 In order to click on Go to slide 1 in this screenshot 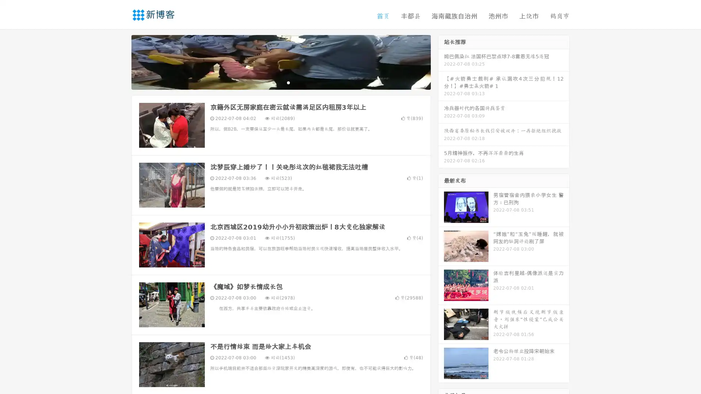, I will do `click(273, 82)`.